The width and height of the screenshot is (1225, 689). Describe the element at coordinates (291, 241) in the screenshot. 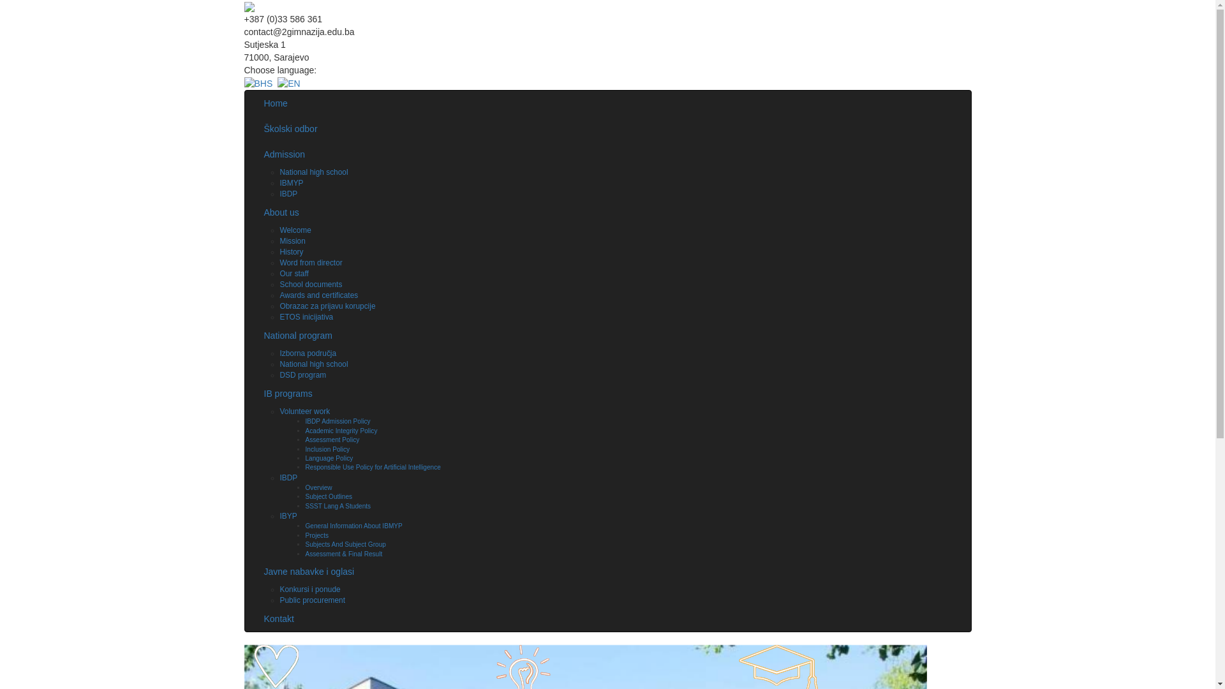

I see `'Mission'` at that location.